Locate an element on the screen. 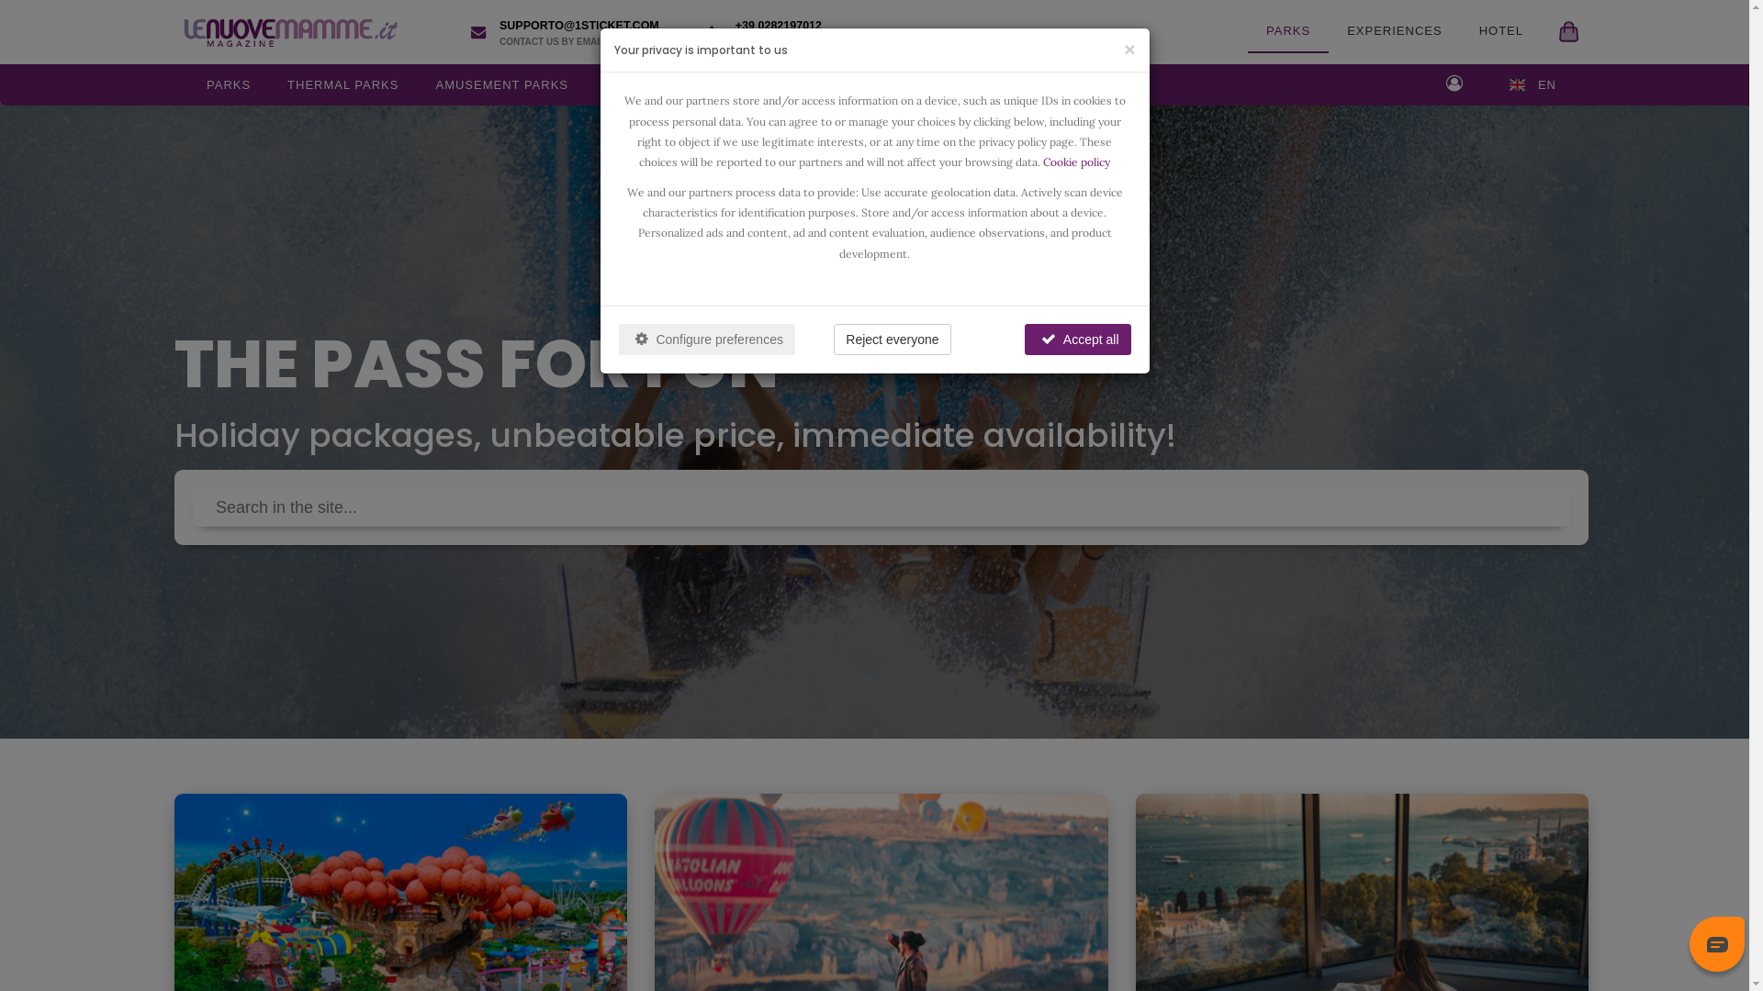 The width and height of the screenshot is (1763, 991). 'Cookie policy' is located at coordinates (1043, 161).